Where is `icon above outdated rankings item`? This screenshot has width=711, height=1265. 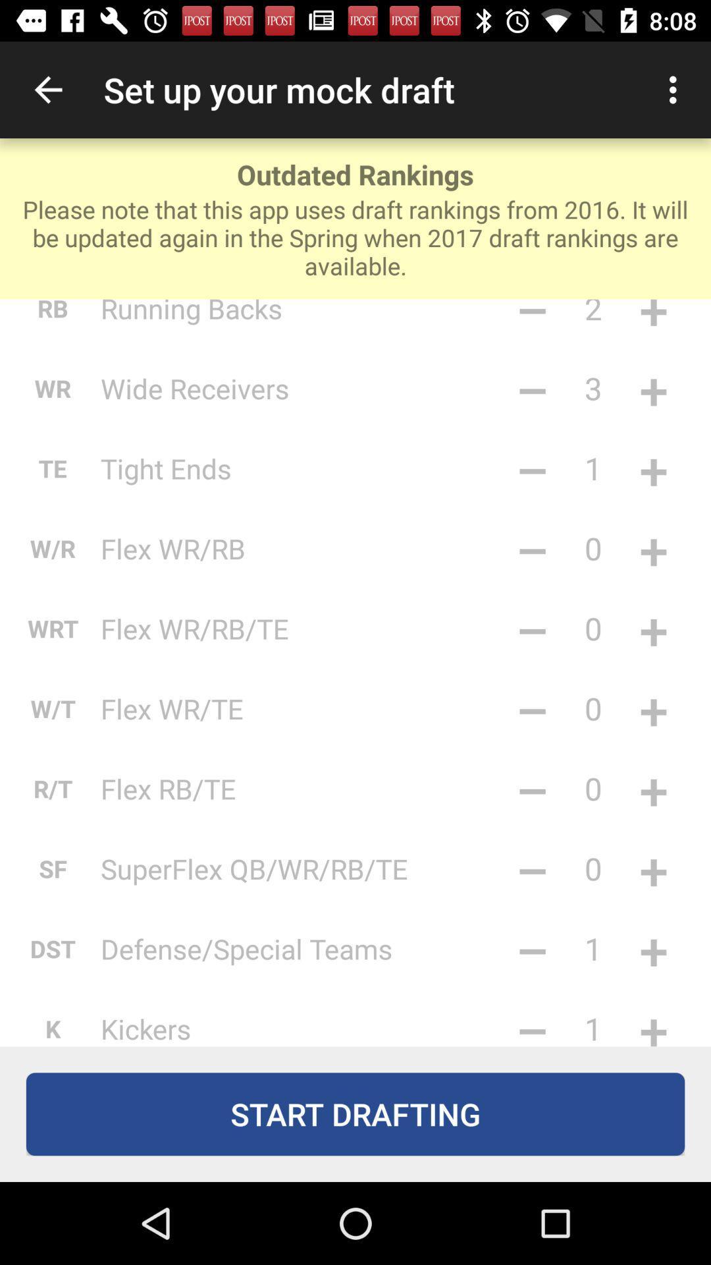 icon above outdated rankings item is located at coordinates (47, 89).